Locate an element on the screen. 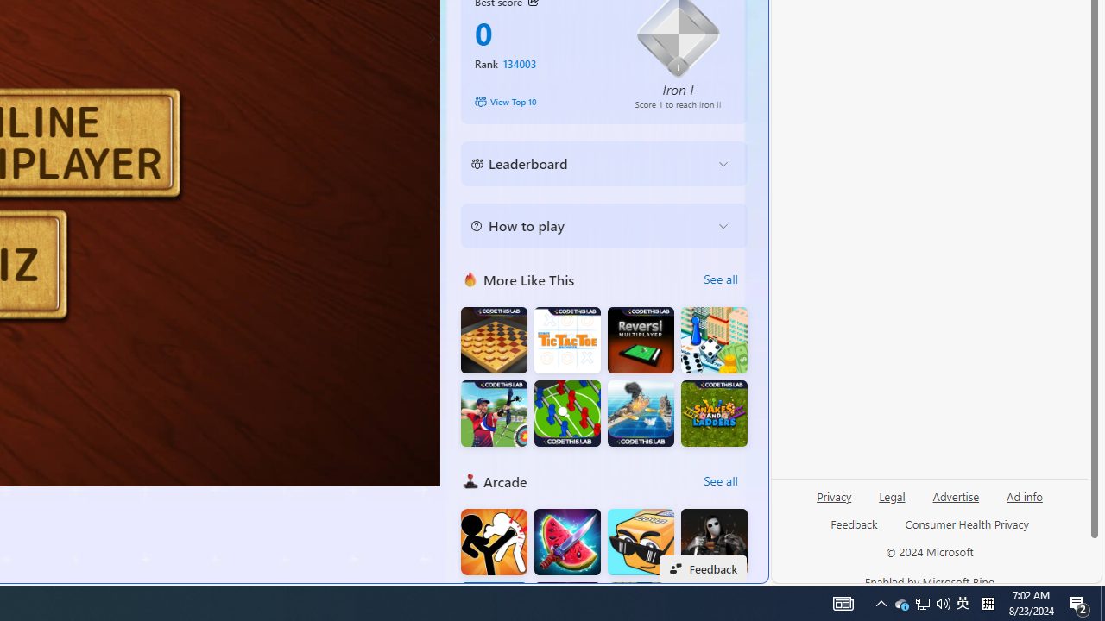 This screenshot has height=621, width=1105. 'Snakes and Ladders' is located at coordinates (714, 413).